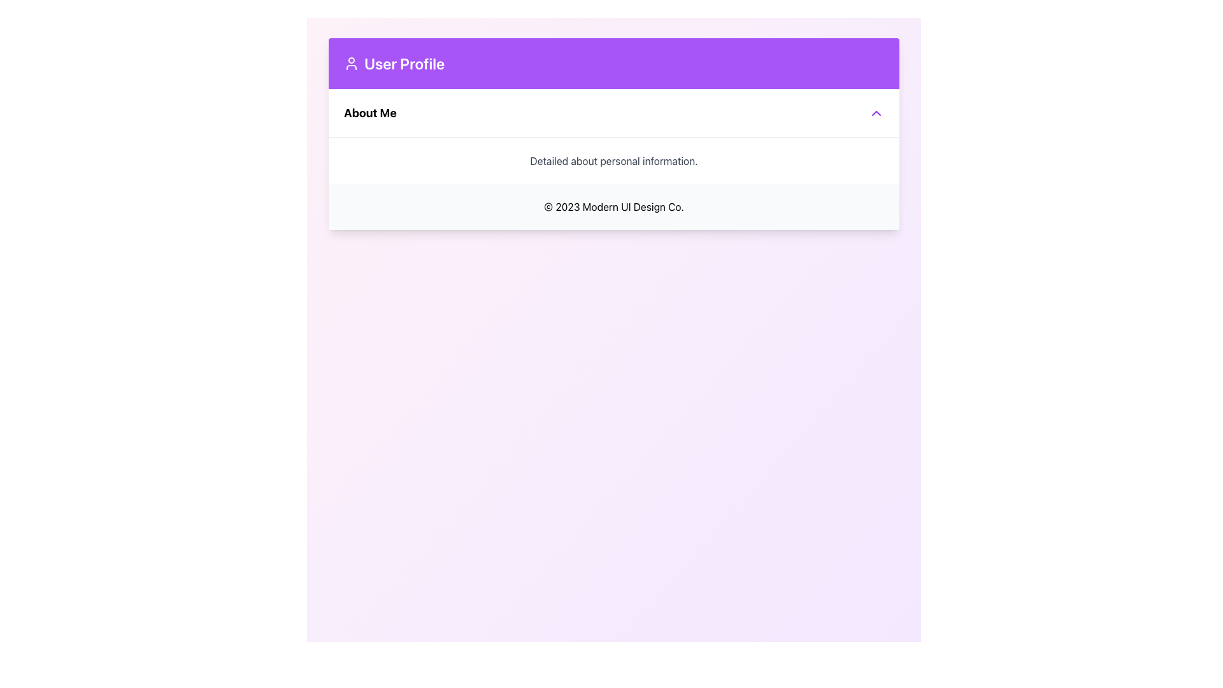 The width and height of the screenshot is (1223, 688). Describe the element at coordinates (352, 64) in the screenshot. I see `the user icon located within the 'User Profile' header, which has a circular head and U-shaped body` at that location.